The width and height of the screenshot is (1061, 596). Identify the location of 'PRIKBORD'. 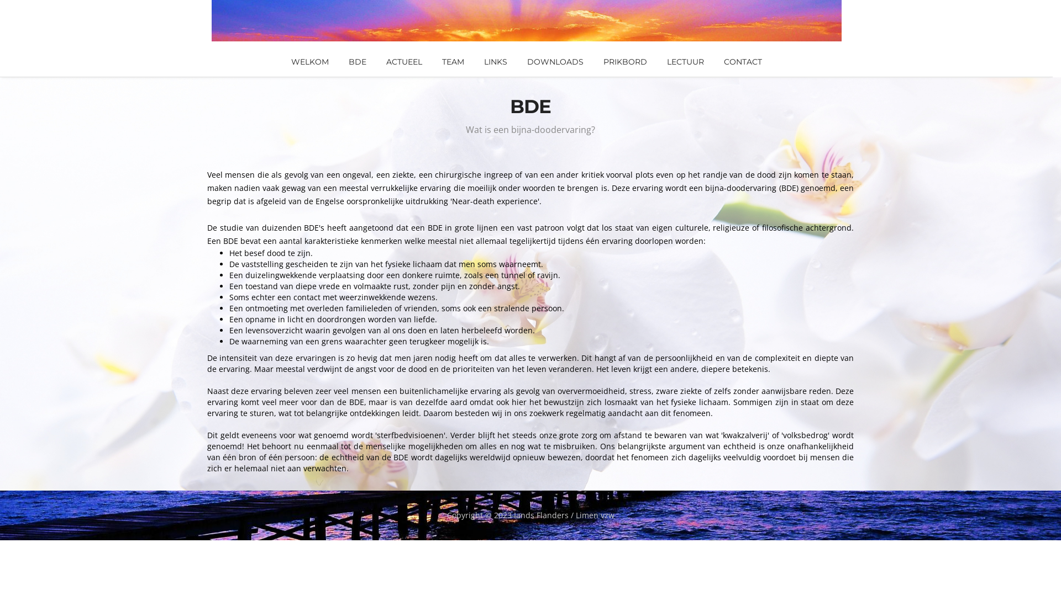
(625, 61).